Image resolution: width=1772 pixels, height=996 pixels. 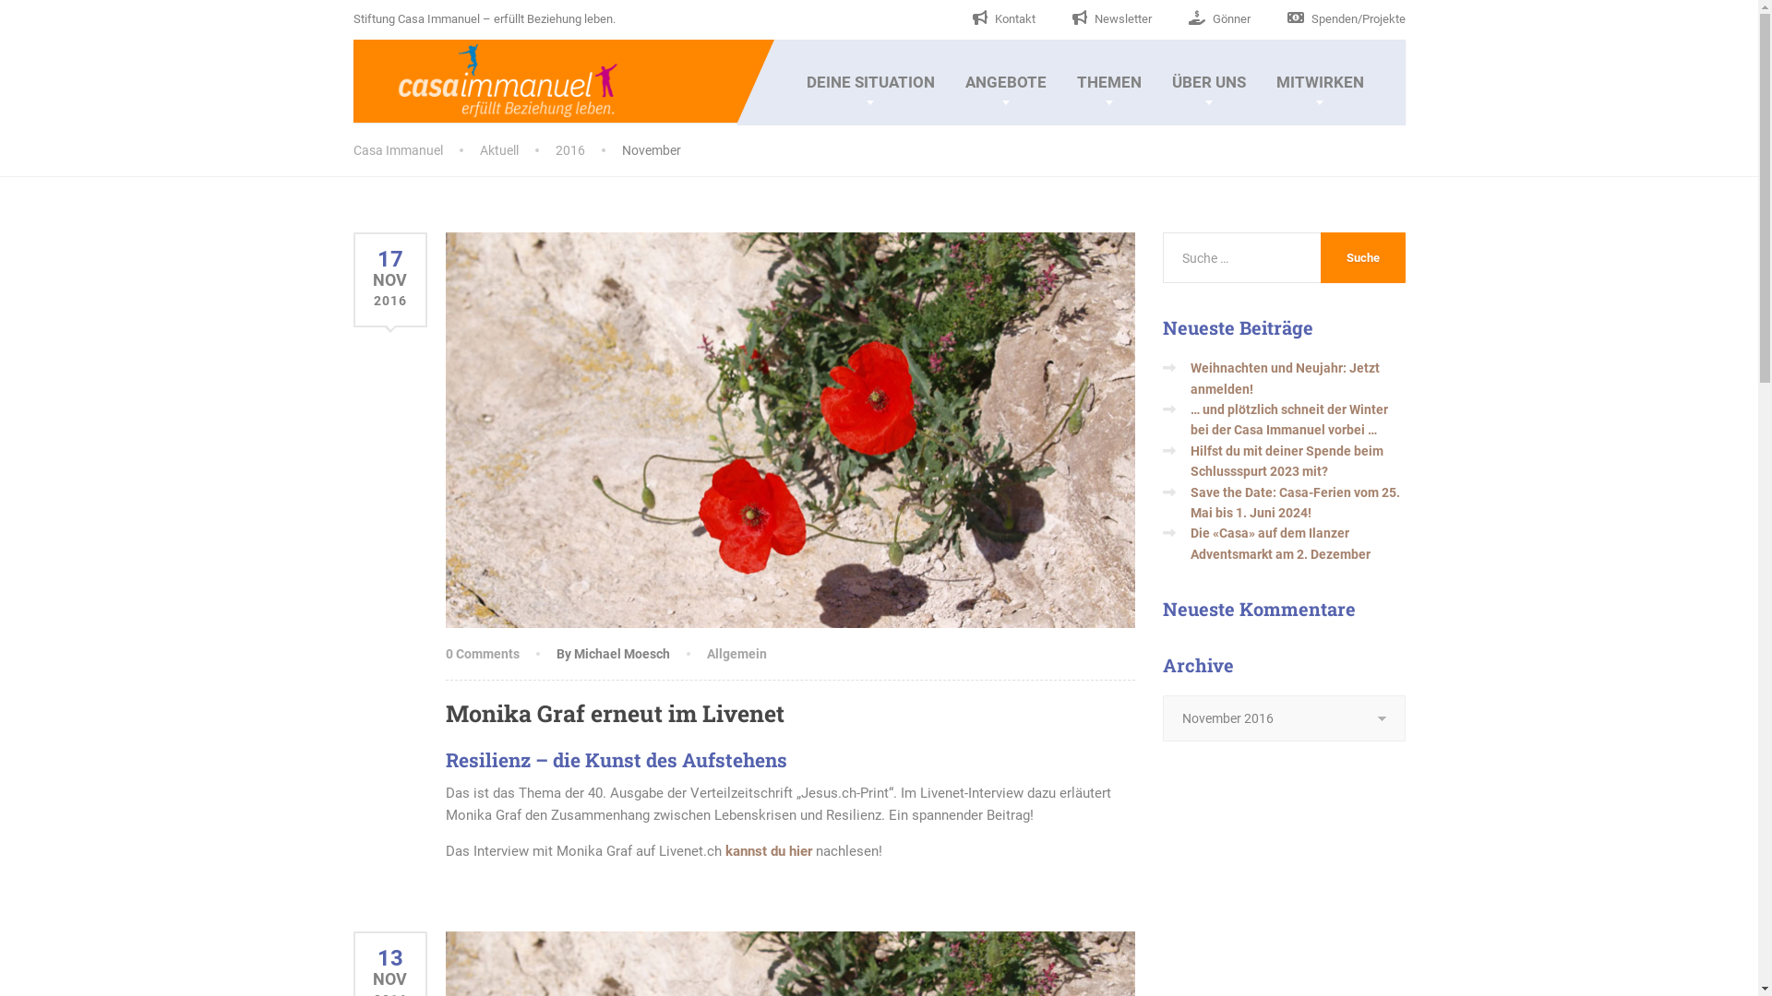 What do you see at coordinates (485, 77) in the screenshot?
I see `'Casa Immanuel'` at bounding box center [485, 77].